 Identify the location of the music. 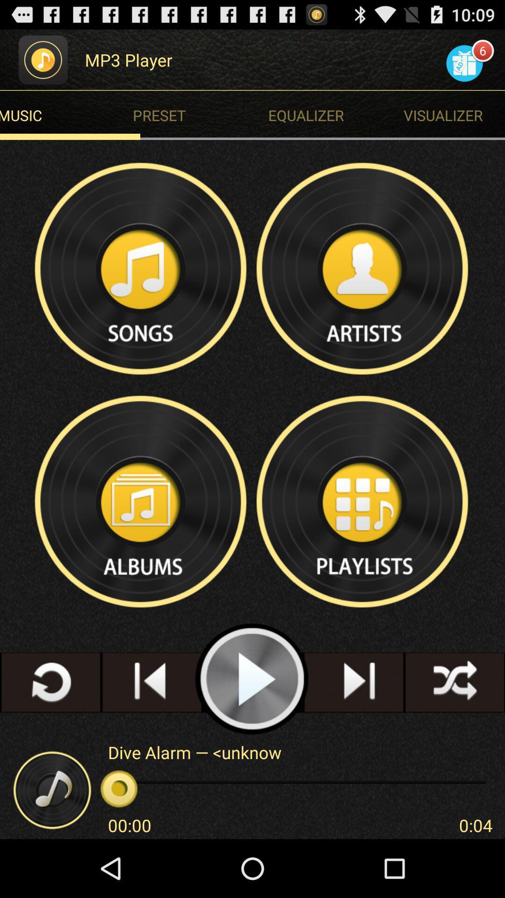
(252, 679).